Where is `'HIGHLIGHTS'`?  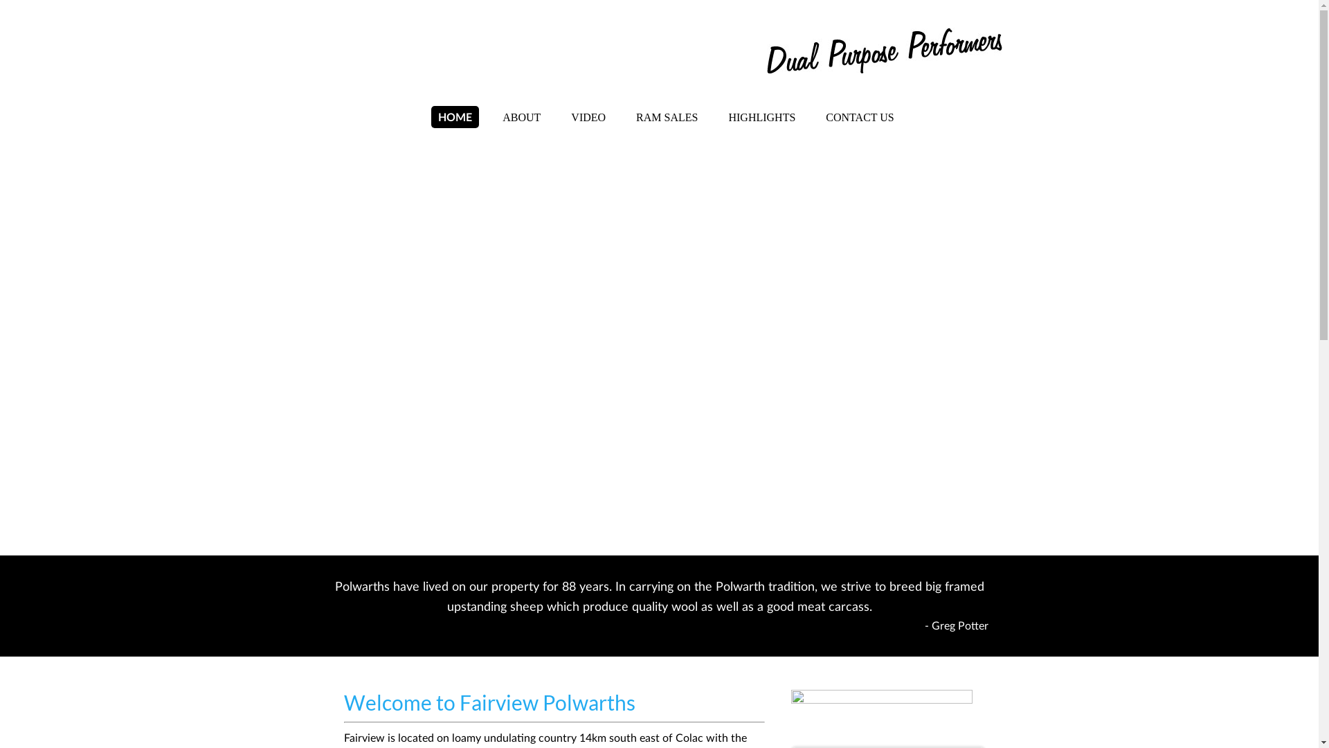
'HIGHLIGHTS' is located at coordinates (761, 116).